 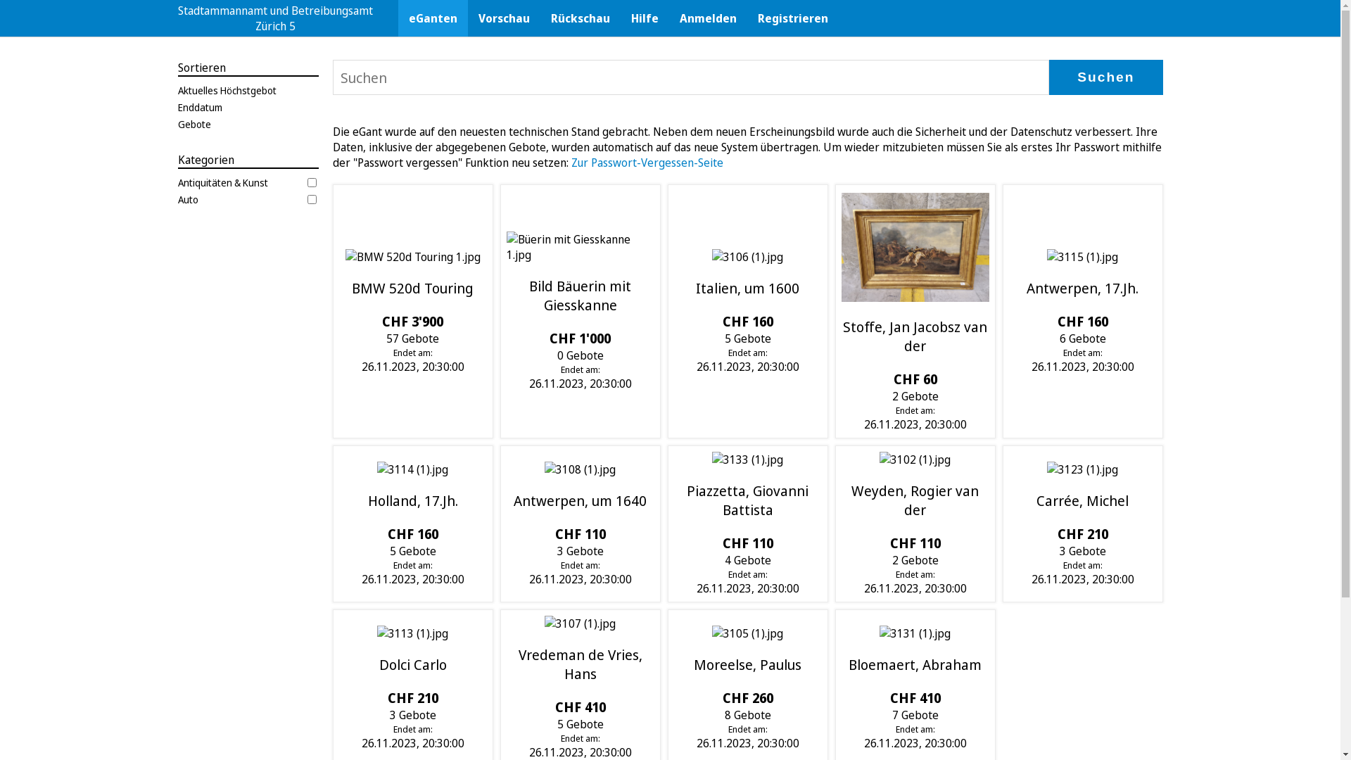 I want to click on 'Auto', so click(x=247, y=199).